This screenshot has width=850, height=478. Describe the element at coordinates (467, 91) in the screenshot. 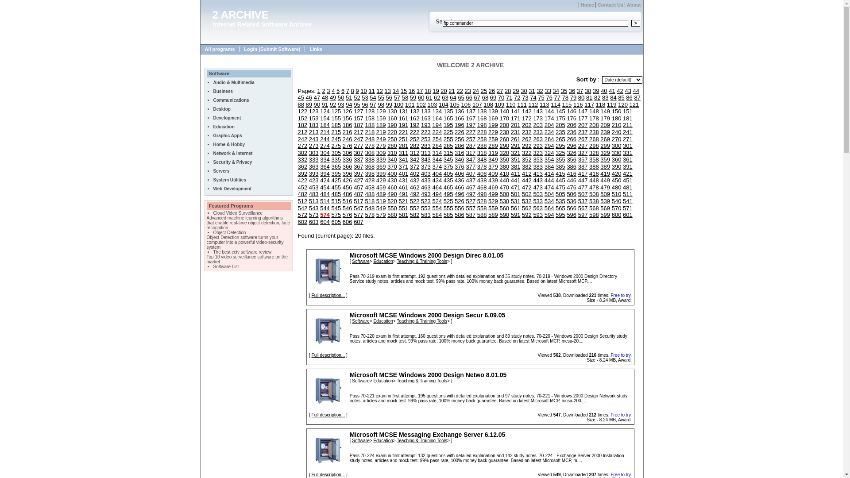

I see `'23'` at that location.